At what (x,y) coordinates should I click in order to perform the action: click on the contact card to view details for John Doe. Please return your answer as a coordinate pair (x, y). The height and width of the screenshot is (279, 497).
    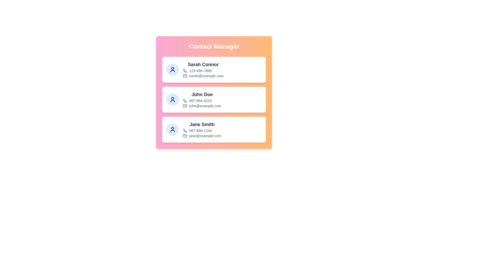
    Looking at the image, I should click on (214, 99).